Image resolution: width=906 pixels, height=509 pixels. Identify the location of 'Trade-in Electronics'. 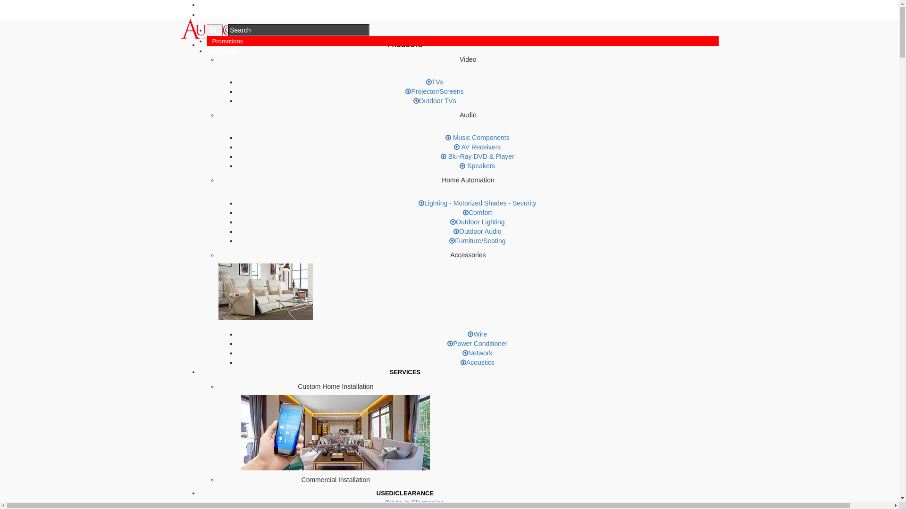
(414, 502).